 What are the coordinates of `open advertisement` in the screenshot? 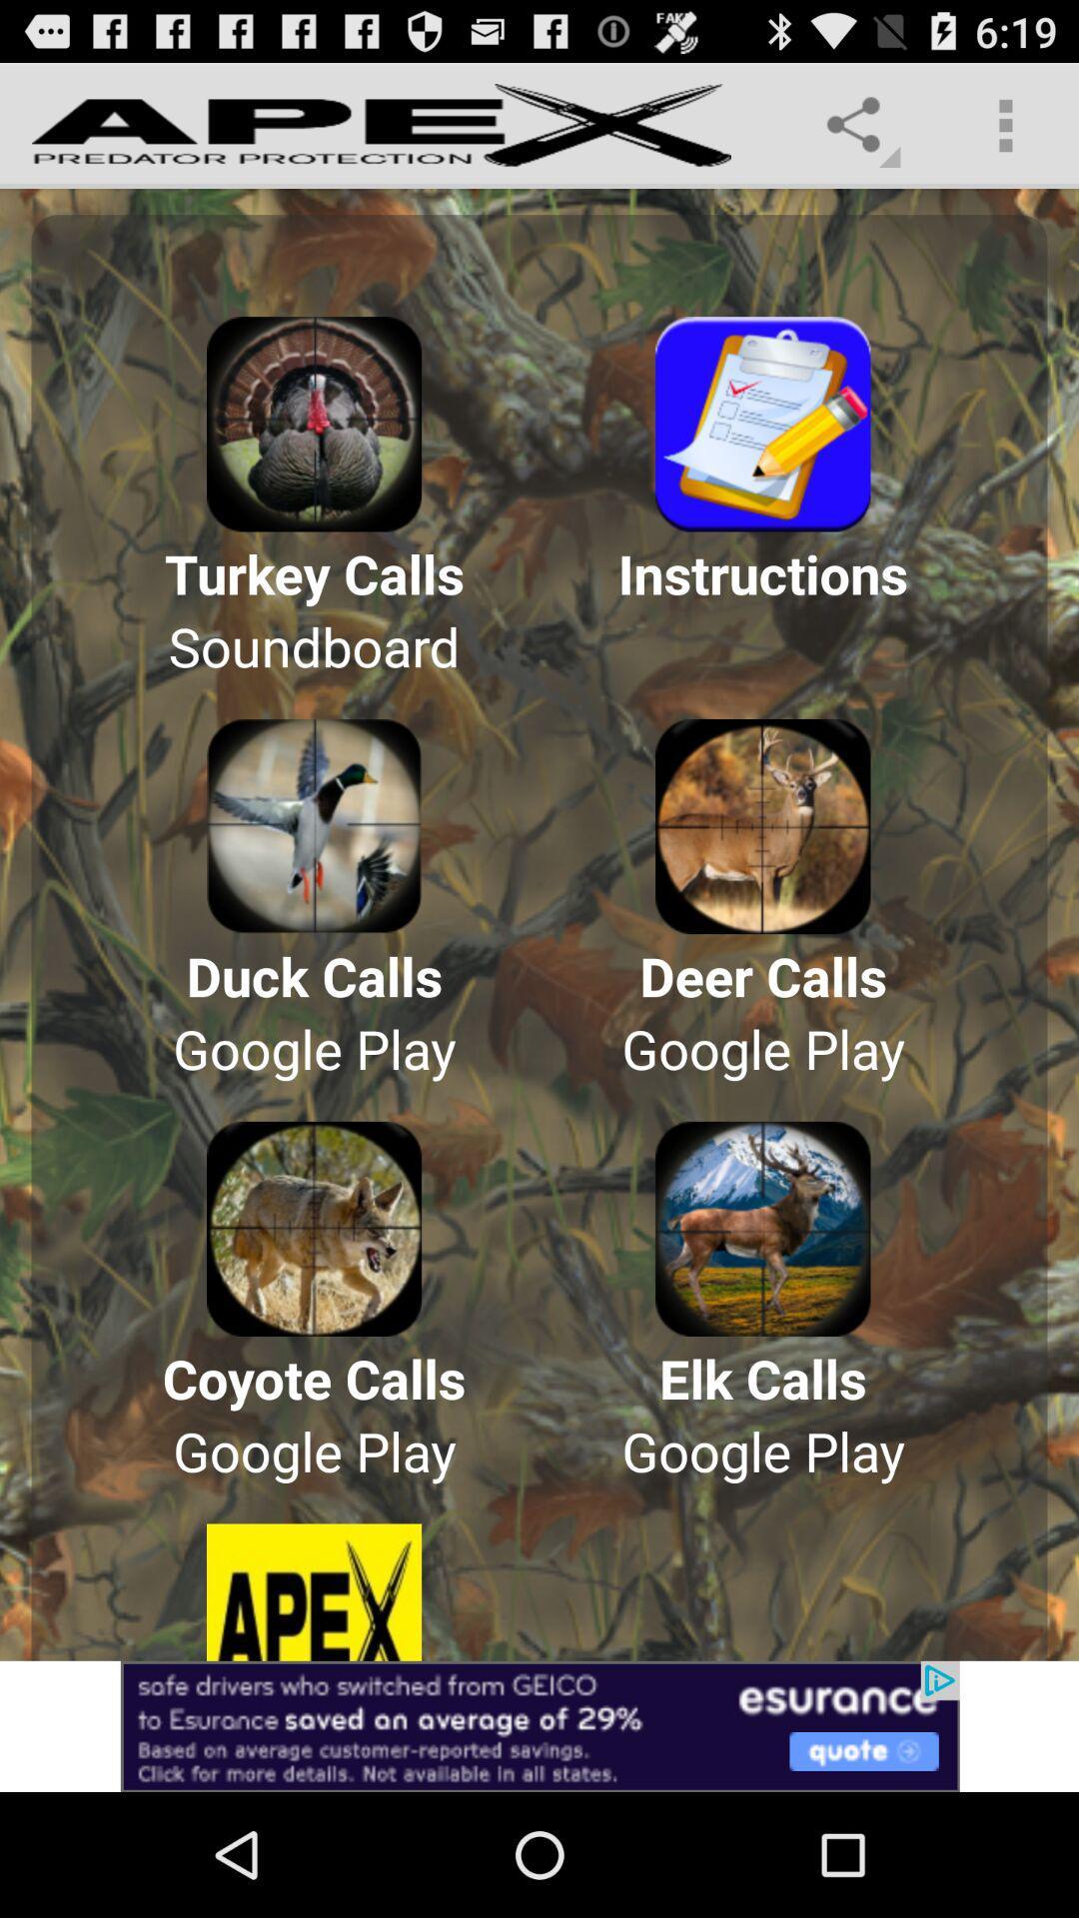 It's located at (539, 1725).